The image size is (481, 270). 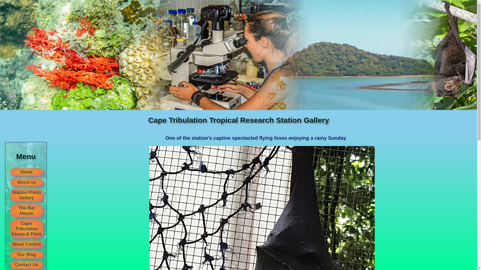 What do you see at coordinates (26, 195) in the screenshot?
I see `'Station Photo Gallery'` at bounding box center [26, 195].